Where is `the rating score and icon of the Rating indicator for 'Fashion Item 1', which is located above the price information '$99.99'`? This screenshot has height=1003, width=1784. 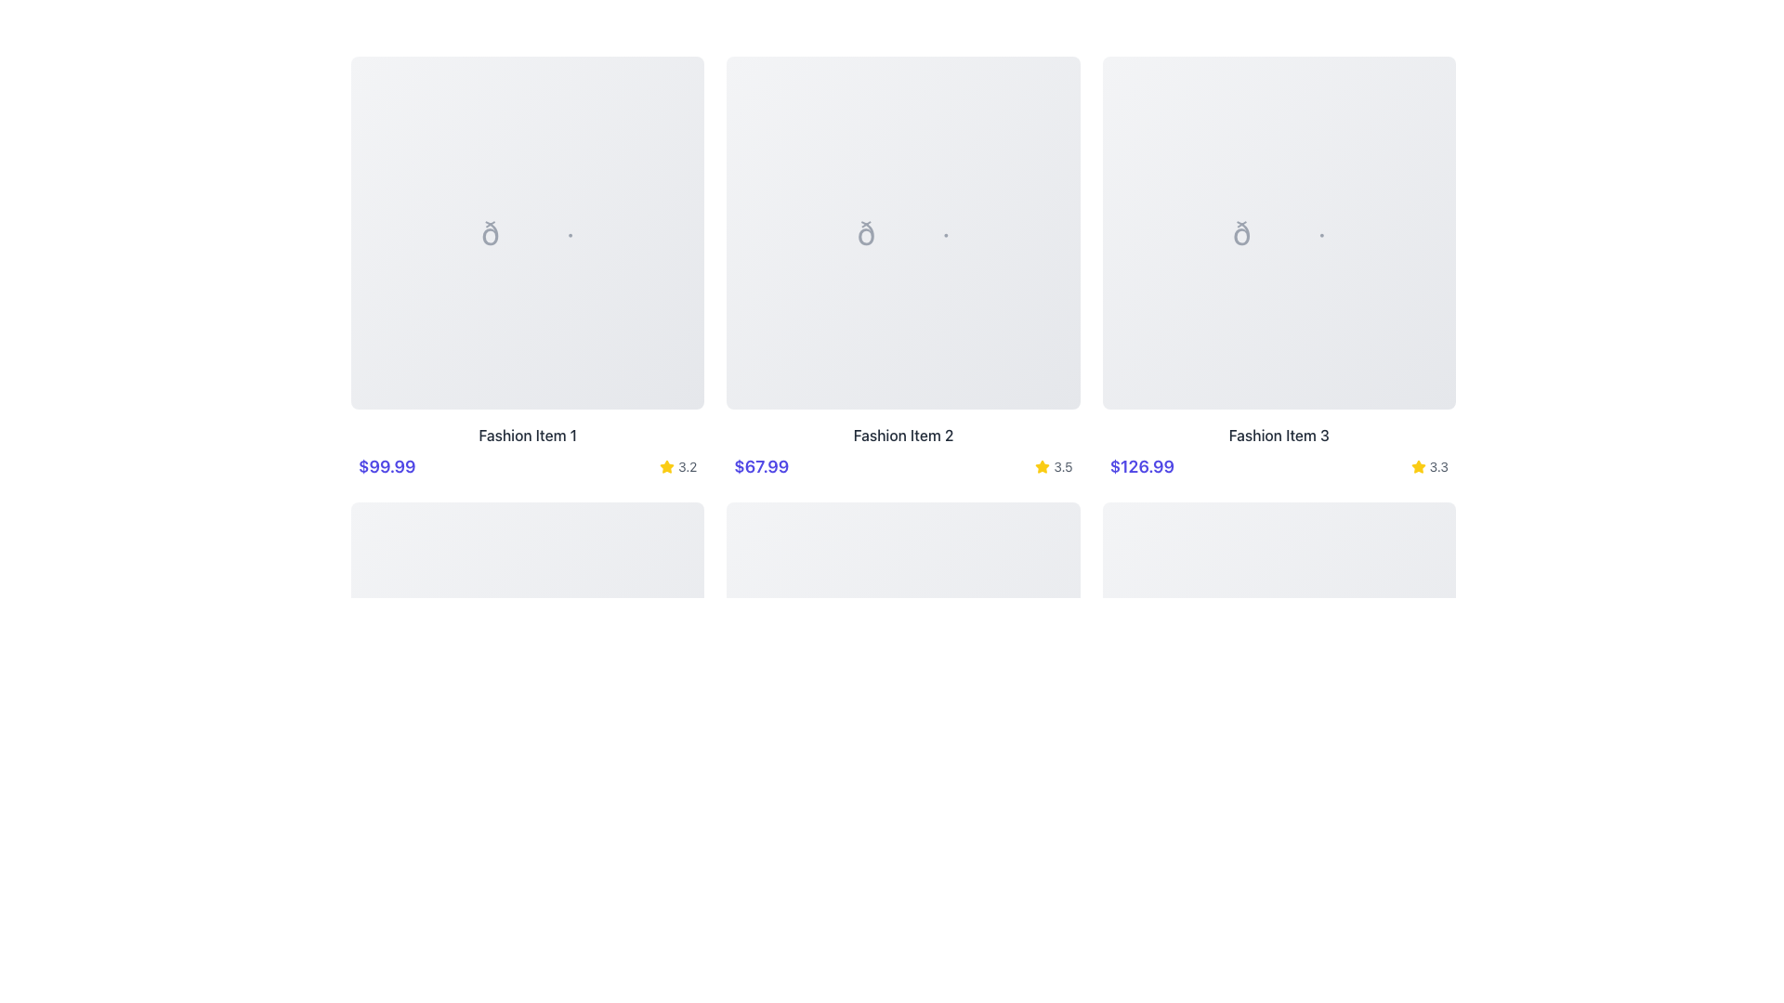
the rating score and icon of the Rating indicator for 'Fashion Item 1', which is located above the price information '$99.99' is located at coordinates (677, 466).